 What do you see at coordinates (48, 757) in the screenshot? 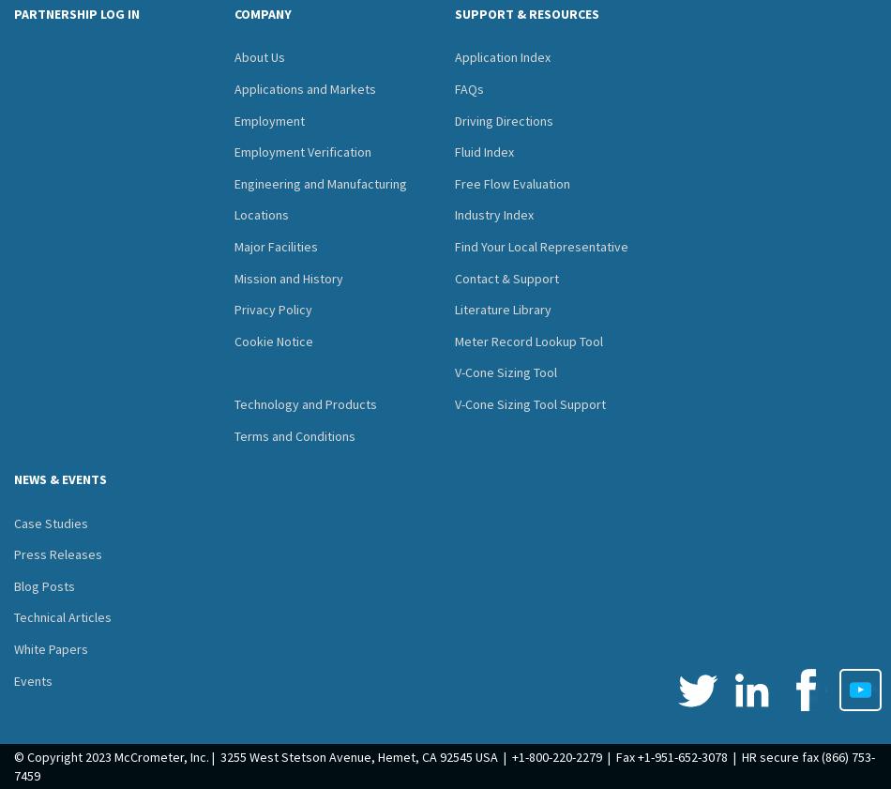
I see `'© Copyright'` at bounding box center [48, 757].